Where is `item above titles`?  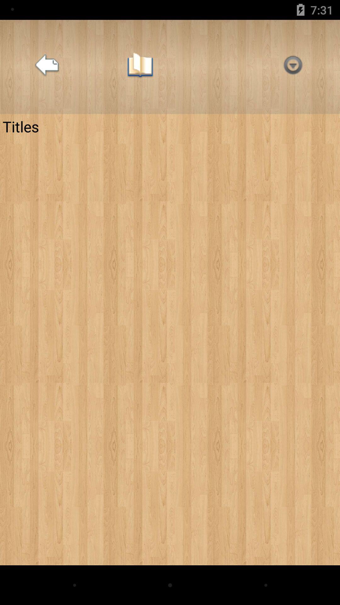 item above titles is located at coordinates (140, 67).